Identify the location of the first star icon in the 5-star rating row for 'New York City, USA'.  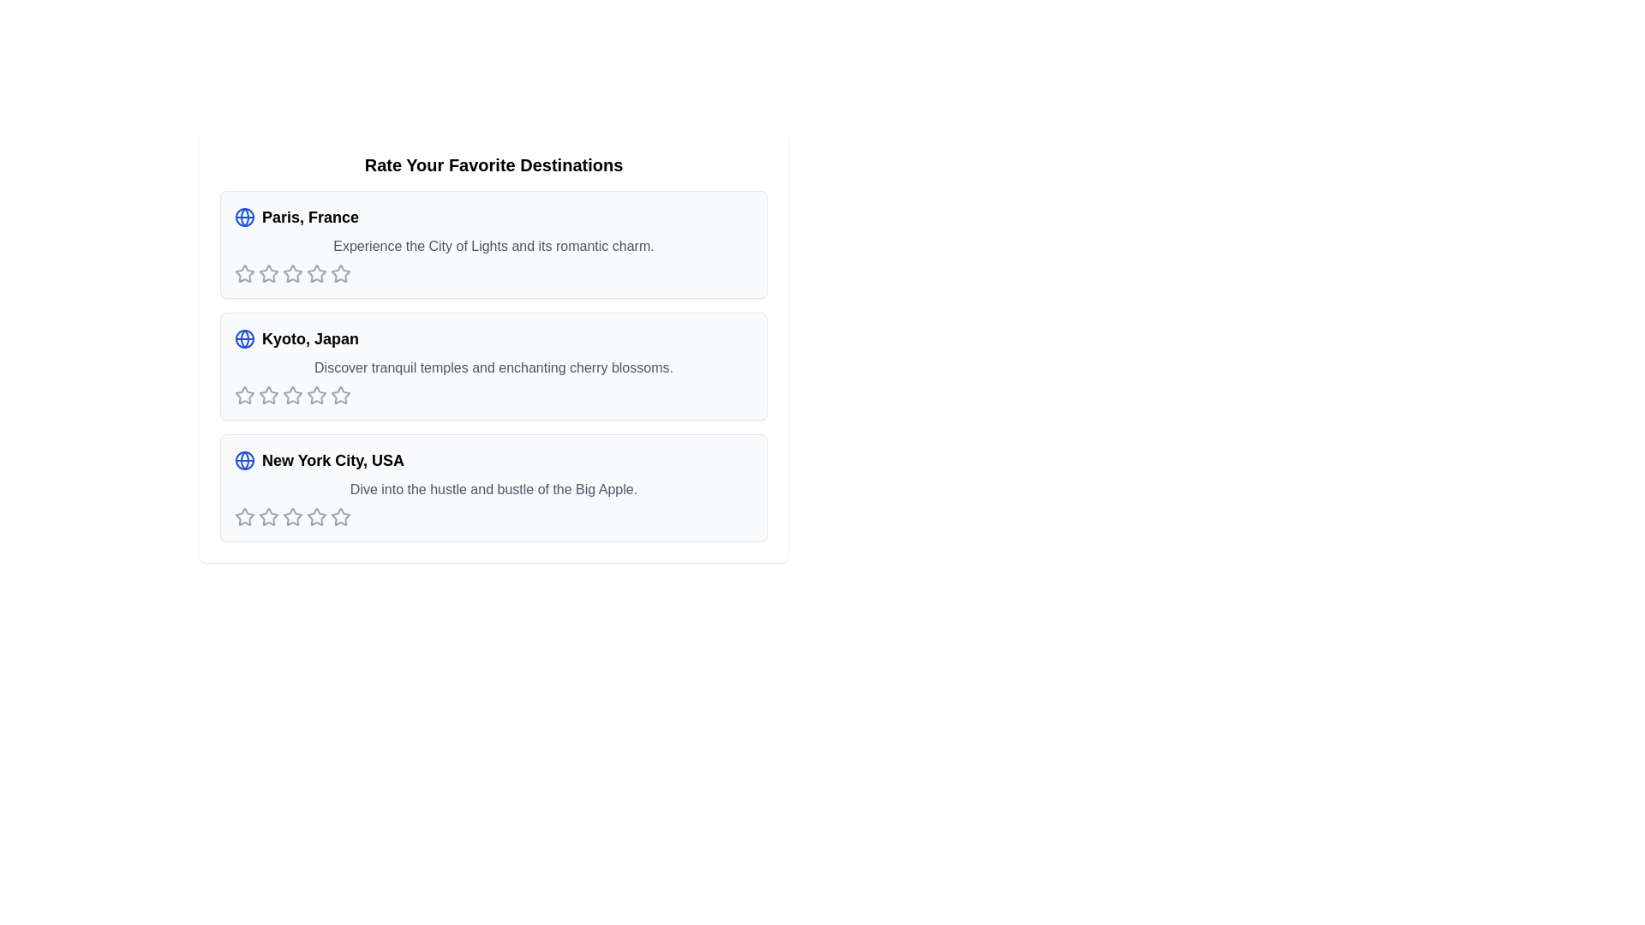
(244, 516).